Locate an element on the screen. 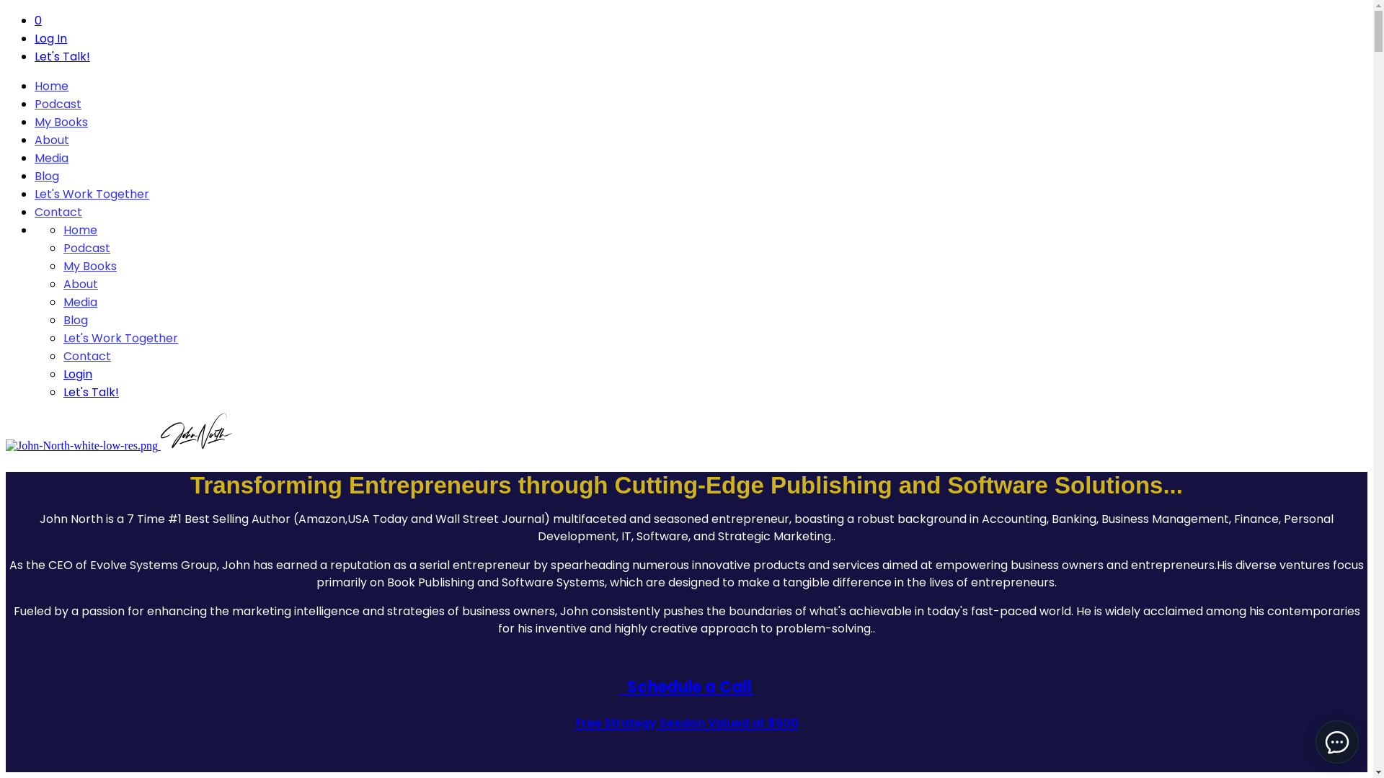  'Media' is located at coordinates (35, 158).